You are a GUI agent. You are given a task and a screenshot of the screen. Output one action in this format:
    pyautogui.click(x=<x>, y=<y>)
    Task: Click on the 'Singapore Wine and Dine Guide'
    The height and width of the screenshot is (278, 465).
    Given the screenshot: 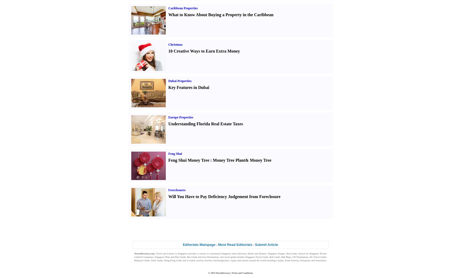 What is the action you would take?
    pyautogui.click(x=170, y=256)
    